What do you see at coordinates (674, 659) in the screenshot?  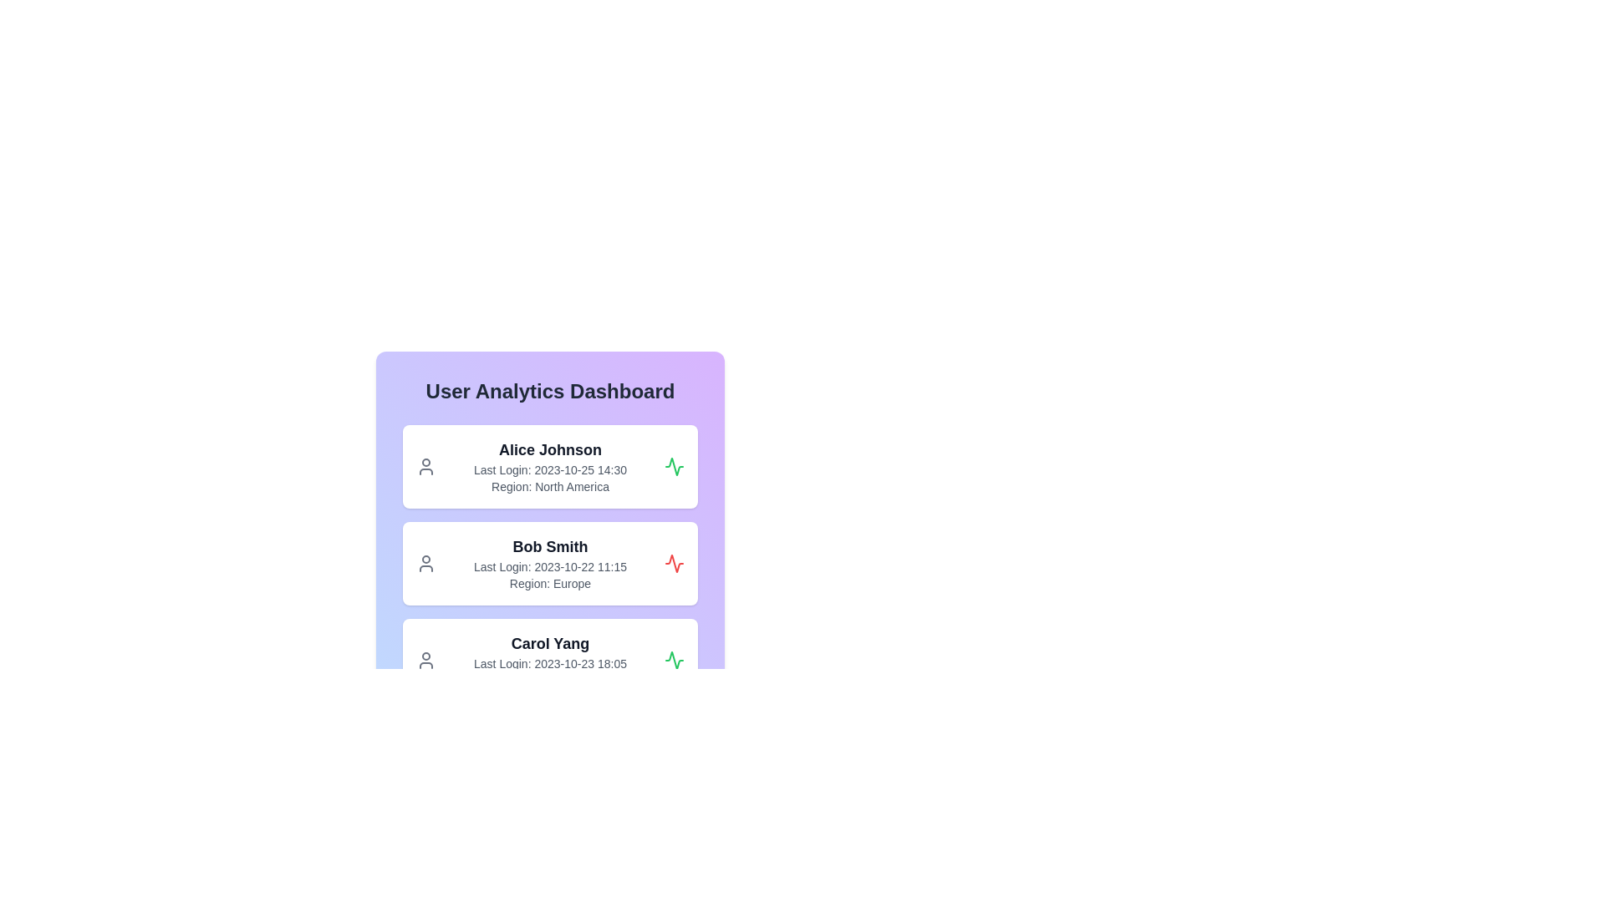 I see `the status/activity icon for 'Carol Yang', located at the rightmost part of the information card, aligned with the login details and region information` at bounding box center [674, 659].